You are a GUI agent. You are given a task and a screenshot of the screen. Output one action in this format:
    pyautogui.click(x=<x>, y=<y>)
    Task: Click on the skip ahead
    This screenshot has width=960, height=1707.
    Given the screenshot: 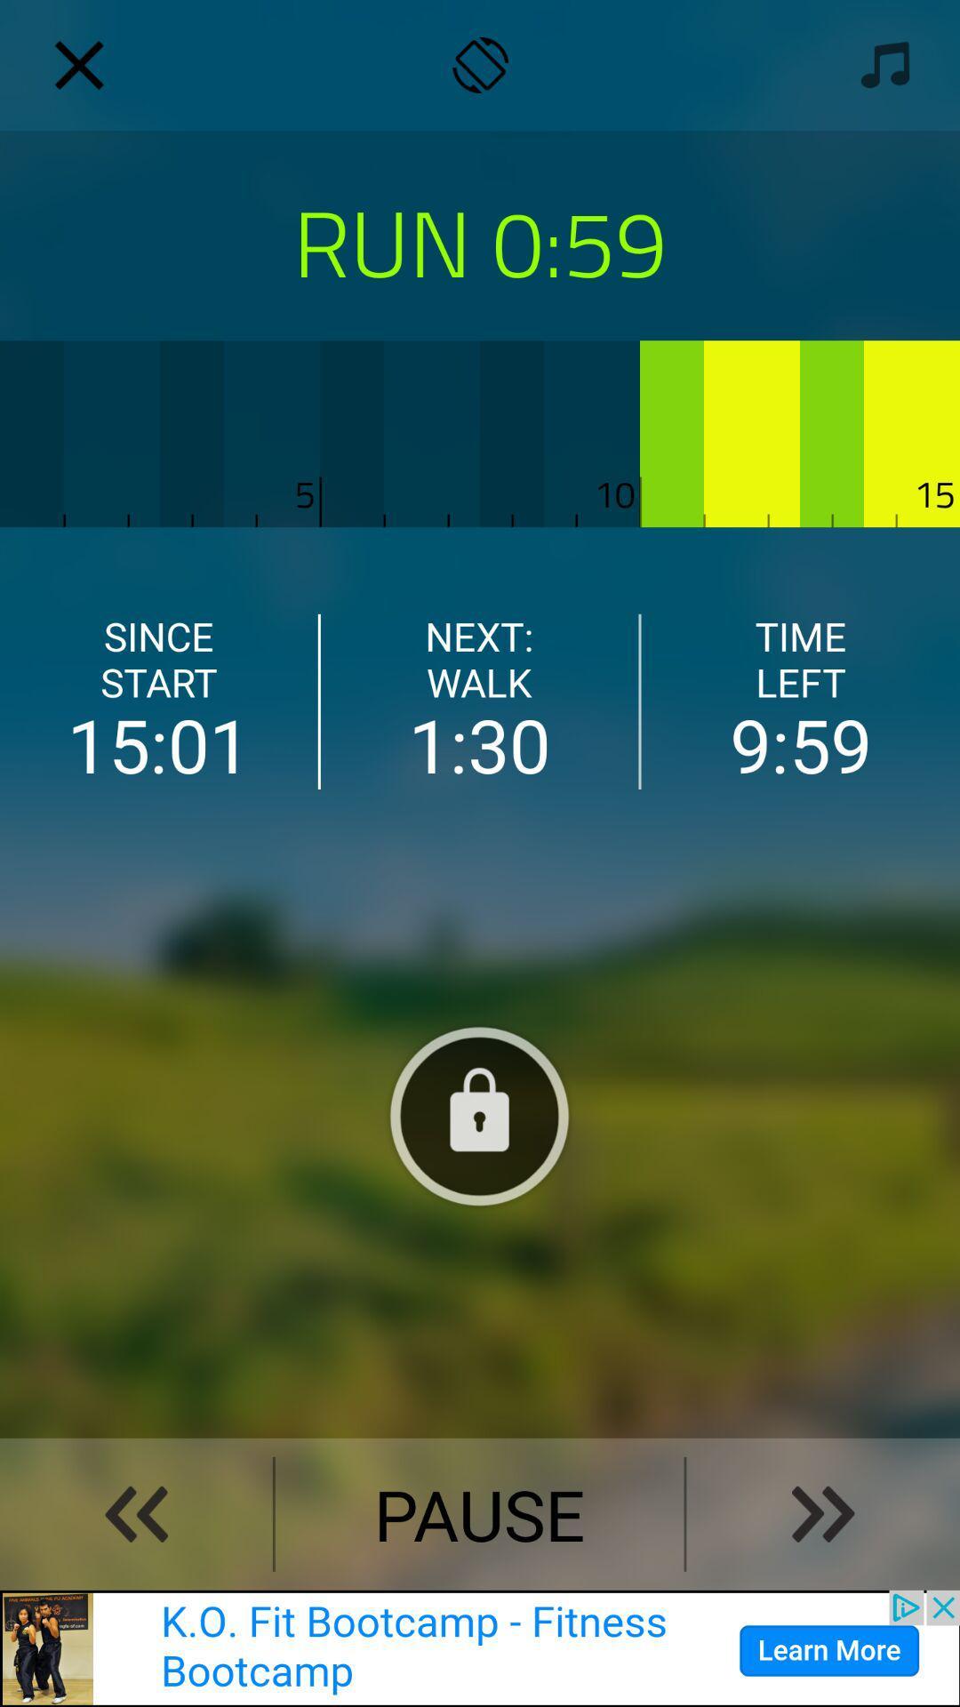 What is the action you would take?
    pyautogui.click(x=823, y=1513)
    